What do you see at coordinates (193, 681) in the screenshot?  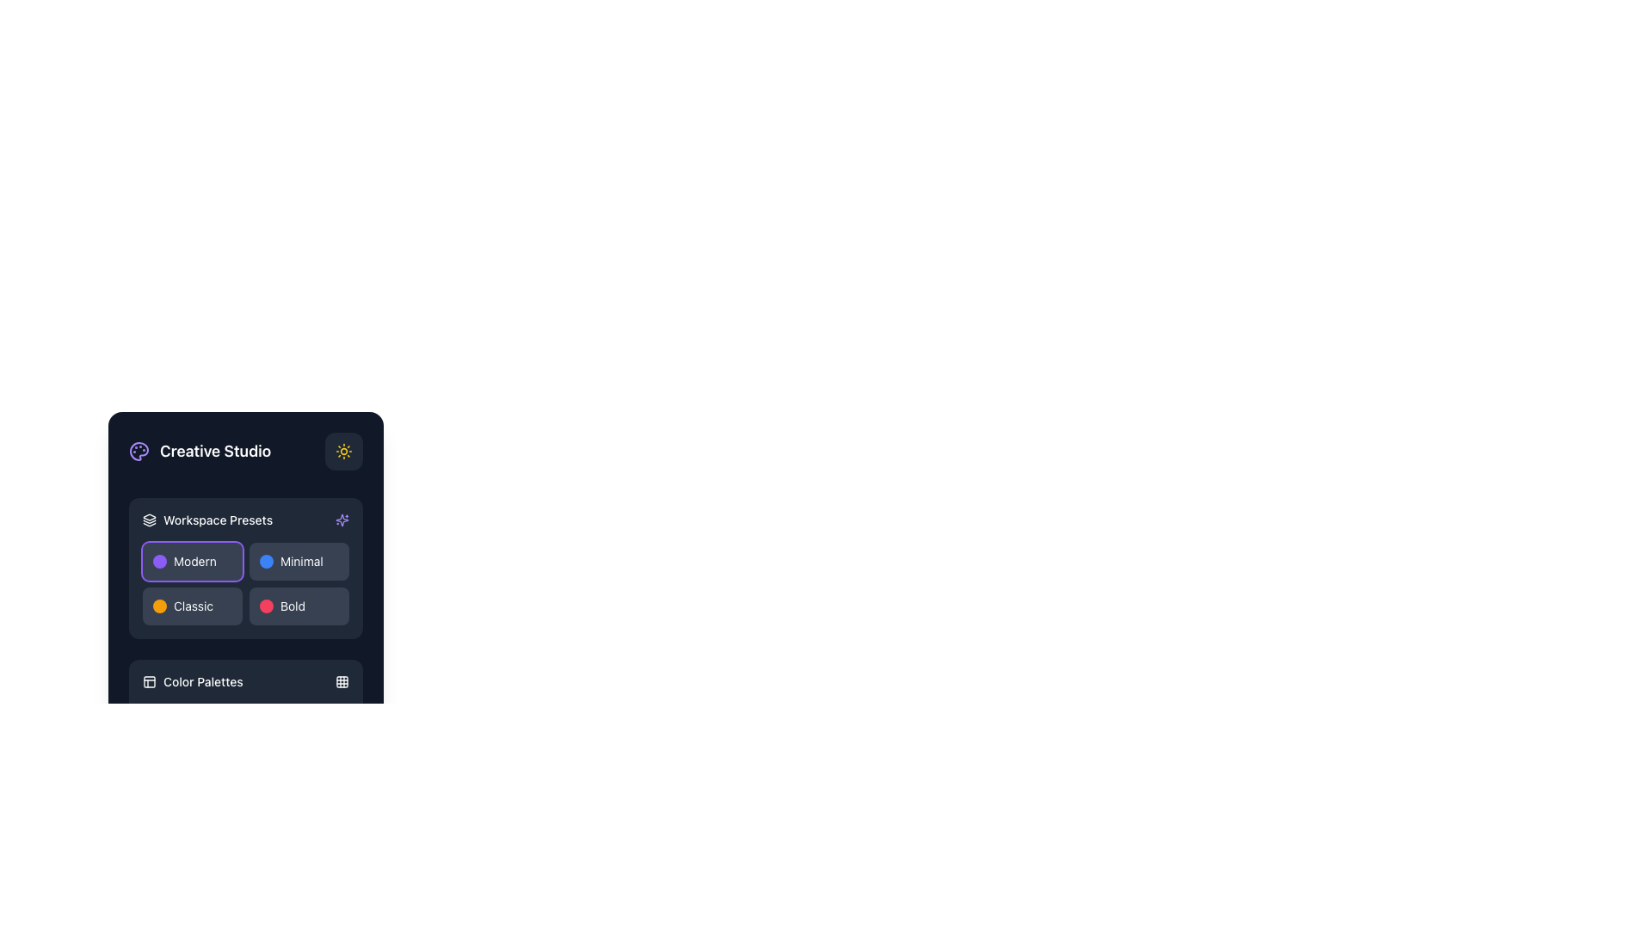 I see `the 'Color Palettes' label with a layout grid icon on a dark background` at bounding box center [193, 681].